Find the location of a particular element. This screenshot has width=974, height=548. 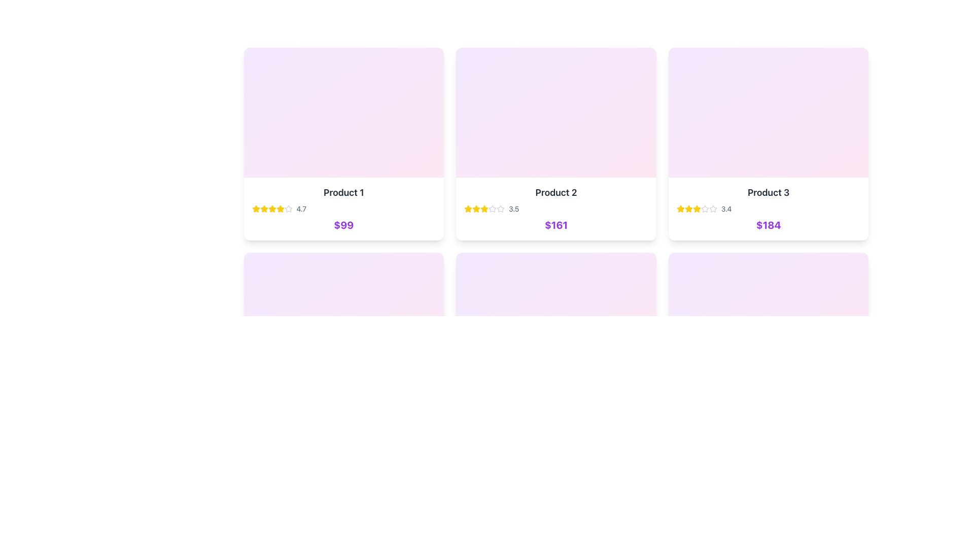

the second star icon in the rating section of 'Product 3' is located at coordinates (696, 208).